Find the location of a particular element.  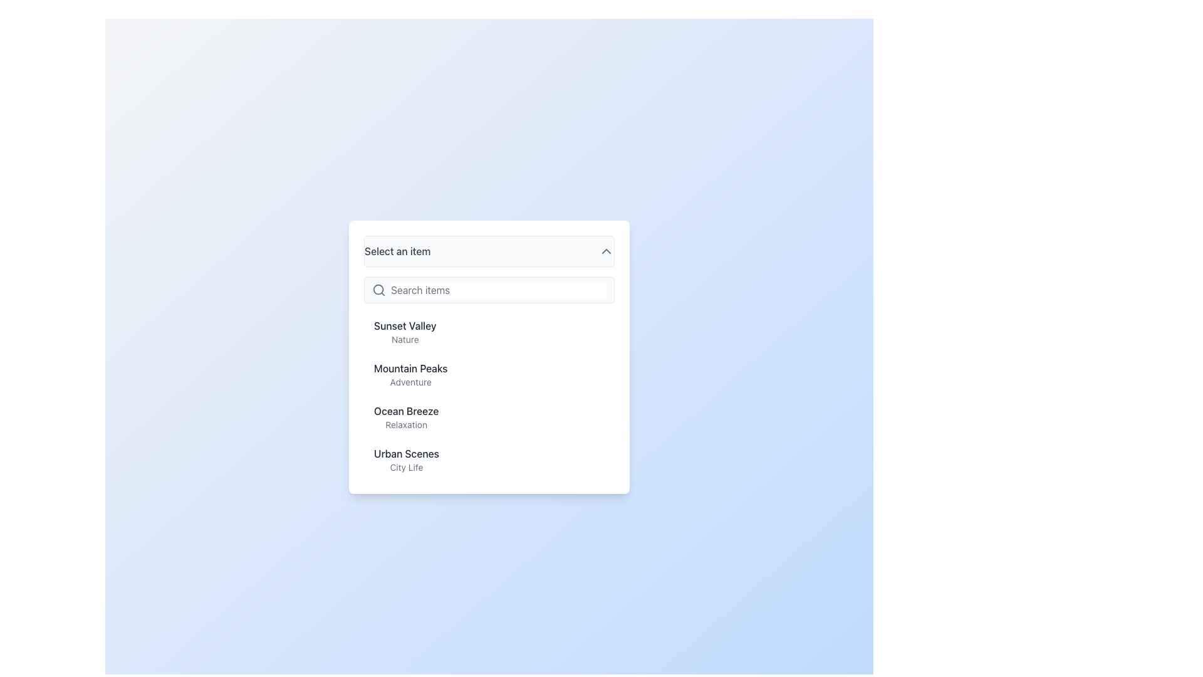

the text label that serves as a title for the dropdown item, which is centrally aligned and positioned above the 'Adventure' text is located at coordinates (410, 367).